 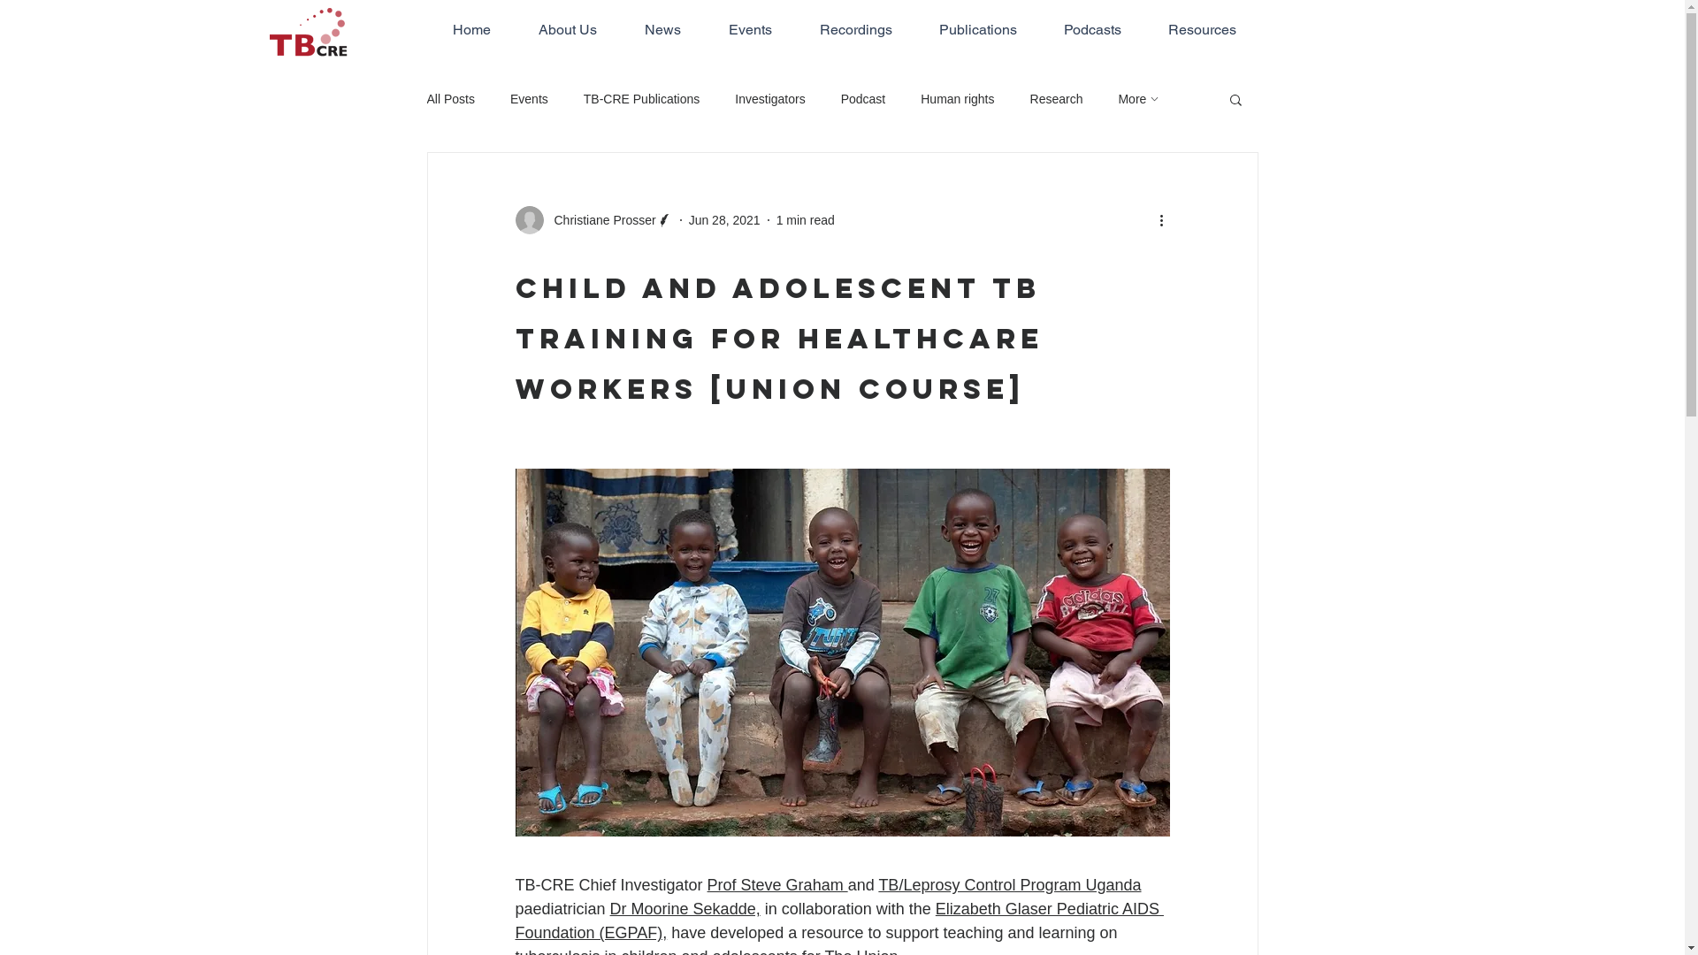 What do you see at coordinates (838, 920) in the screenshot?
I see `'Elizabeth Glaser Pediatric AIDS Foundation (EGPAF),'` at bounding box center [838, 920].